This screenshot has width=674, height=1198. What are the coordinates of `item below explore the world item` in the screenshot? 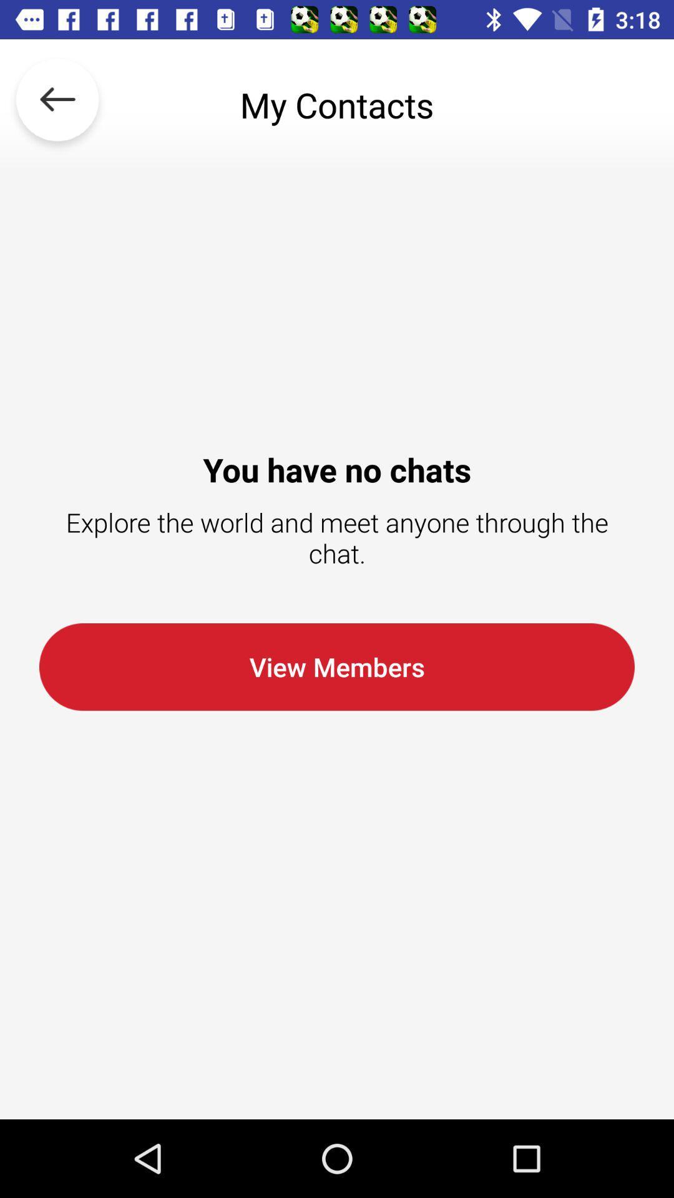 It's located at (337, 666).